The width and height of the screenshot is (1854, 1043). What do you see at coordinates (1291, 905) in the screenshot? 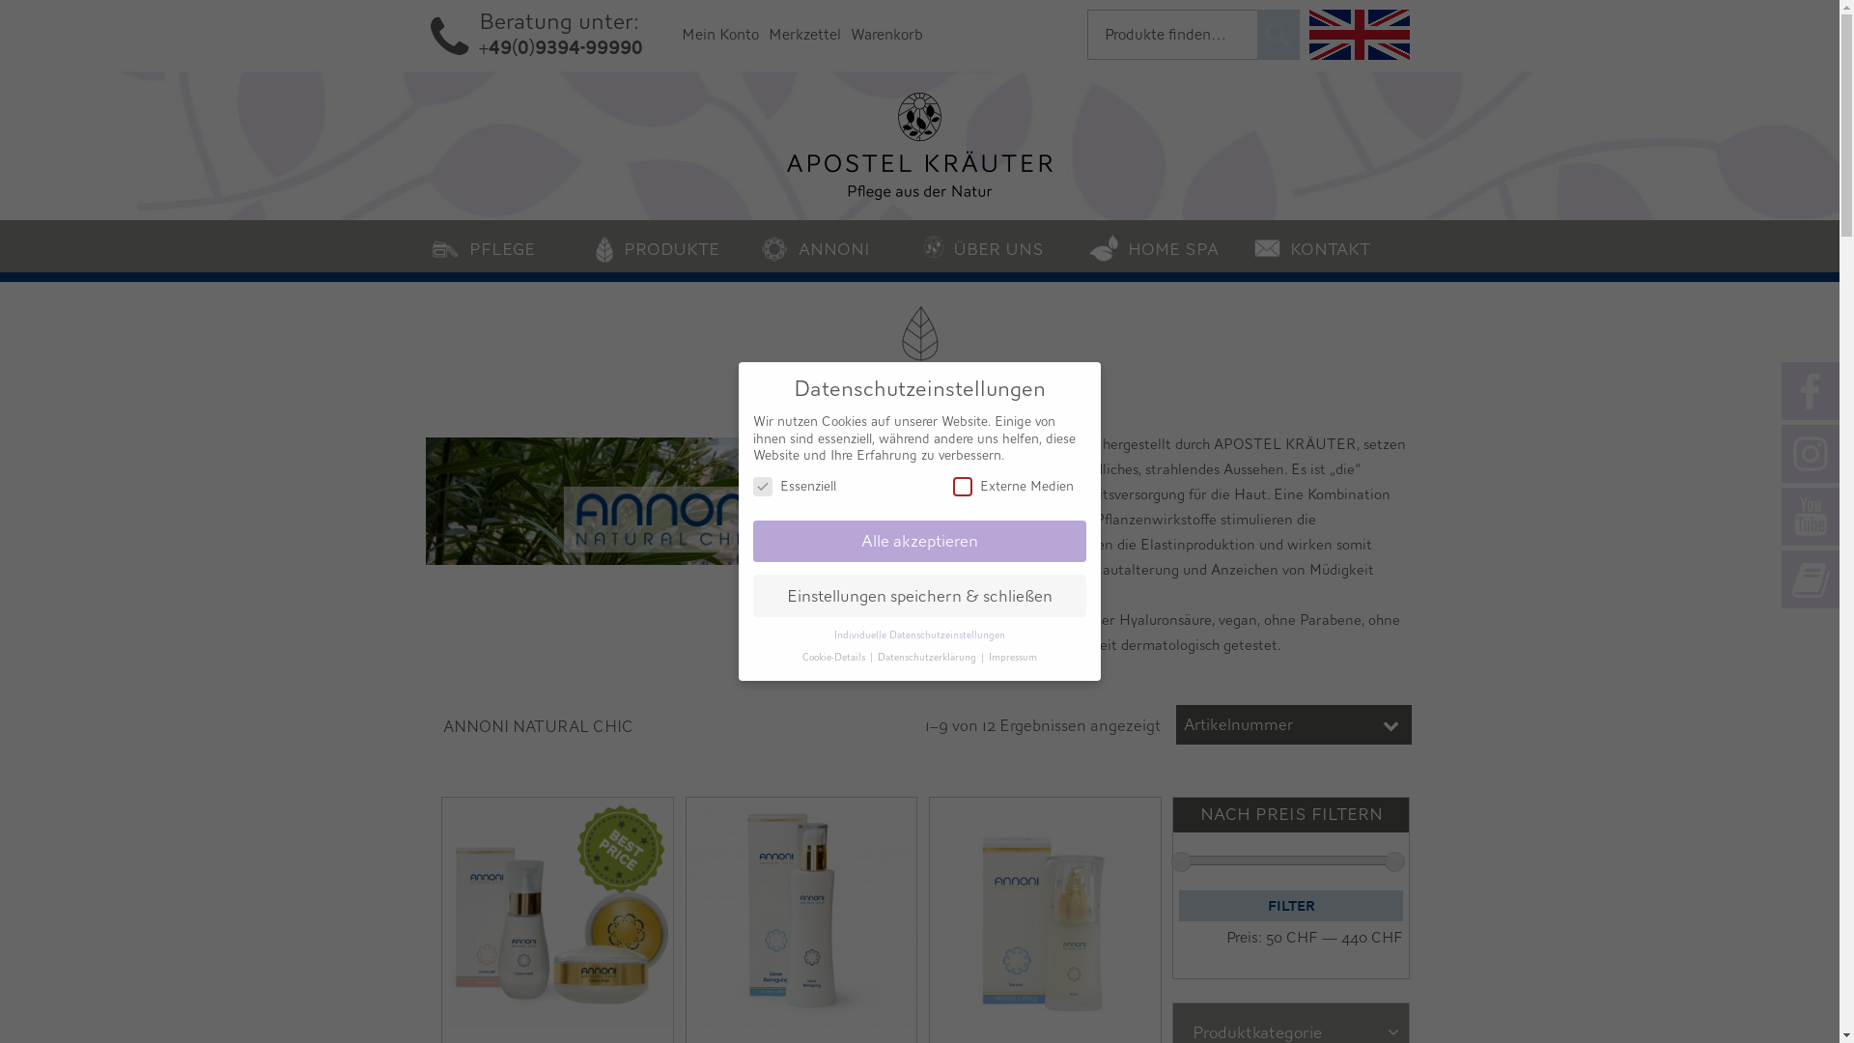
I see `'Filter'` at bounding box center [1291, 905].